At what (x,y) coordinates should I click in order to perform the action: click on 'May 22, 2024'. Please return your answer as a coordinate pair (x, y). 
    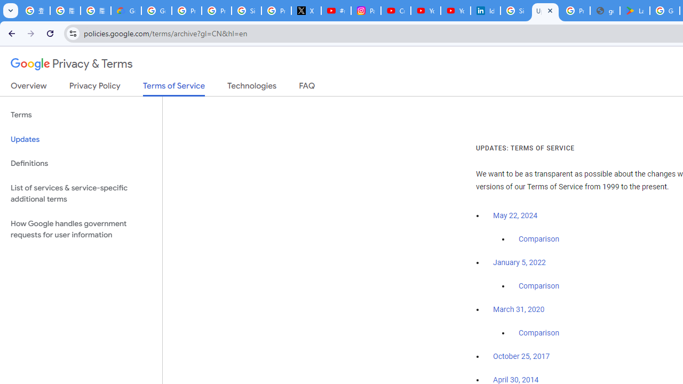
    Looking at the image, I should click on (515, 216).